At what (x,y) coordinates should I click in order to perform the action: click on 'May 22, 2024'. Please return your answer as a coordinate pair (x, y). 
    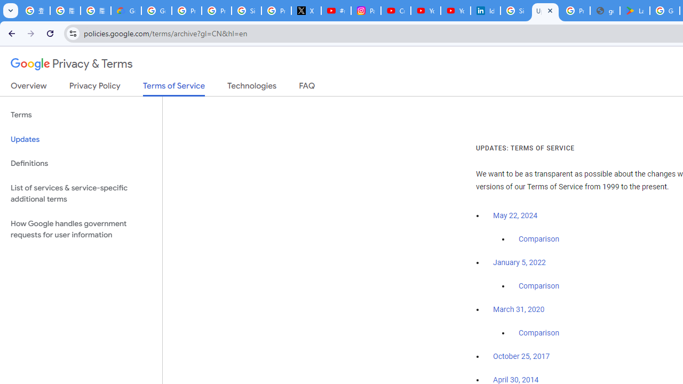
    Looking at the image, I should click on (515, 216).